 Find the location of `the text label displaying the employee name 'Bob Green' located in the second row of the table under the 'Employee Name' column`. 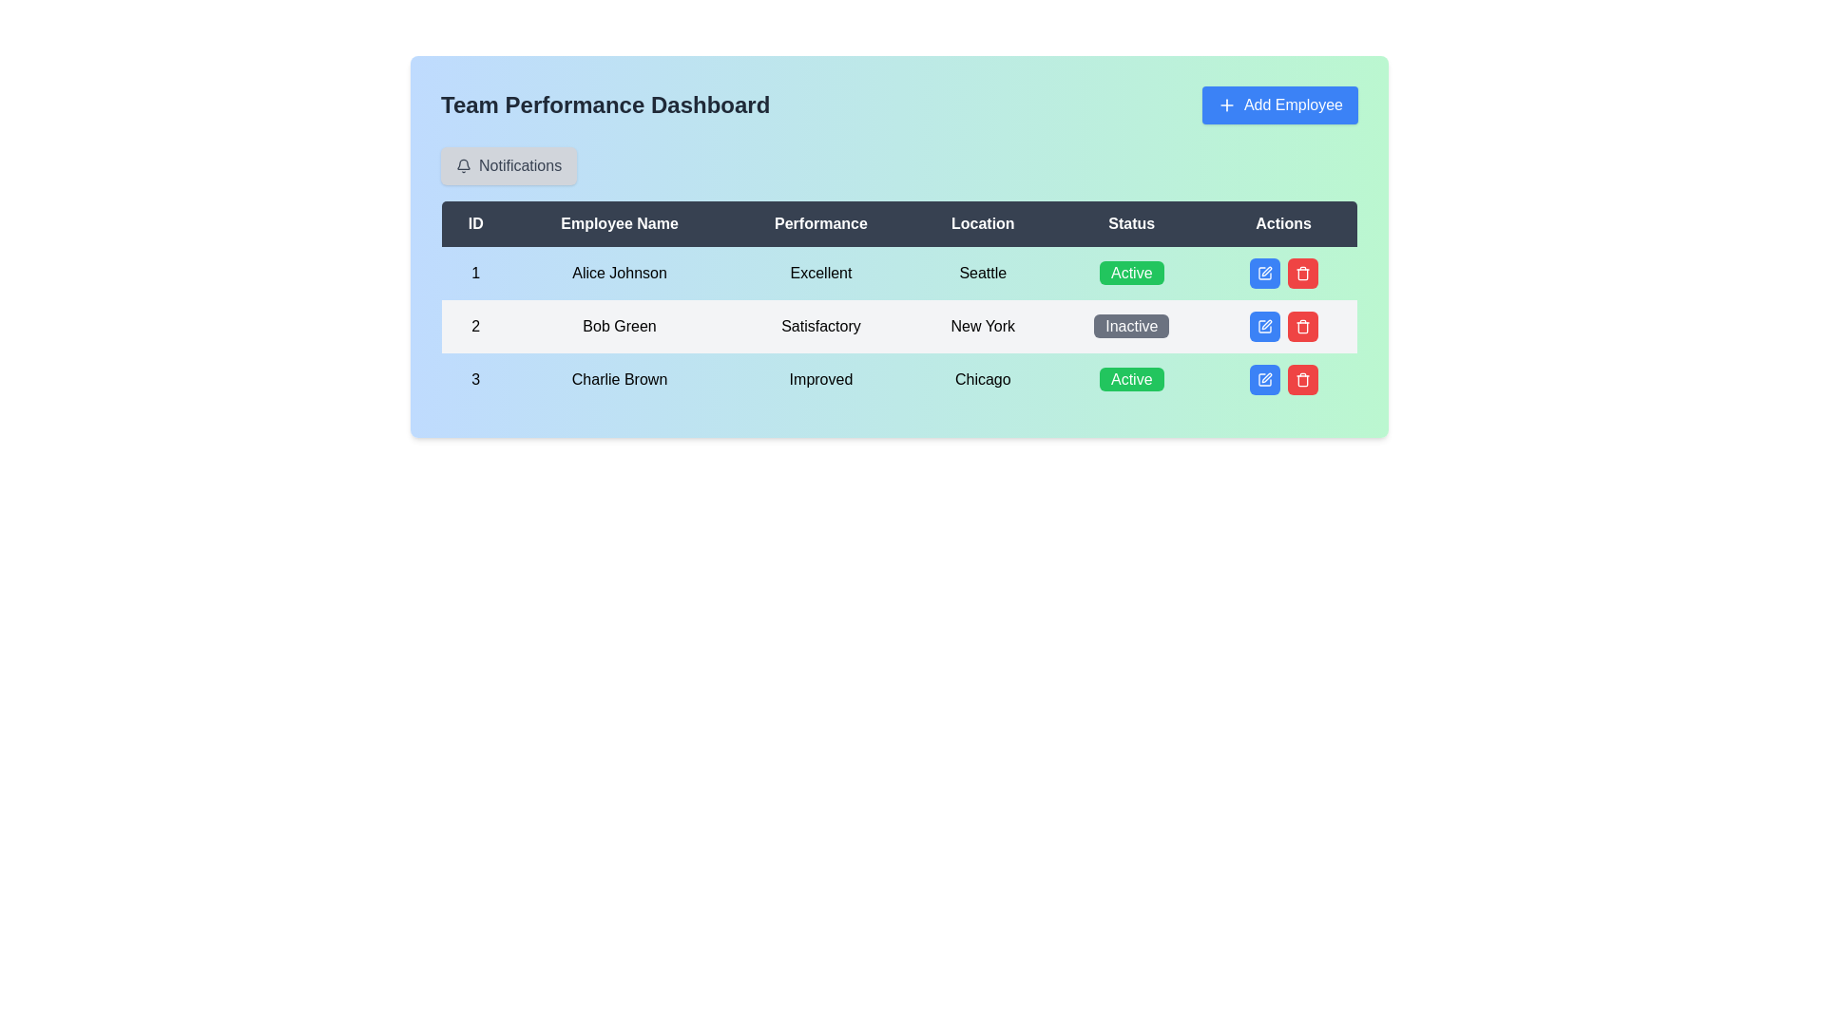

the text label displaying the employee name 'Bob Green' located in the second row of the table under the 'Employee Name' column is located at coordinates (620, 325).